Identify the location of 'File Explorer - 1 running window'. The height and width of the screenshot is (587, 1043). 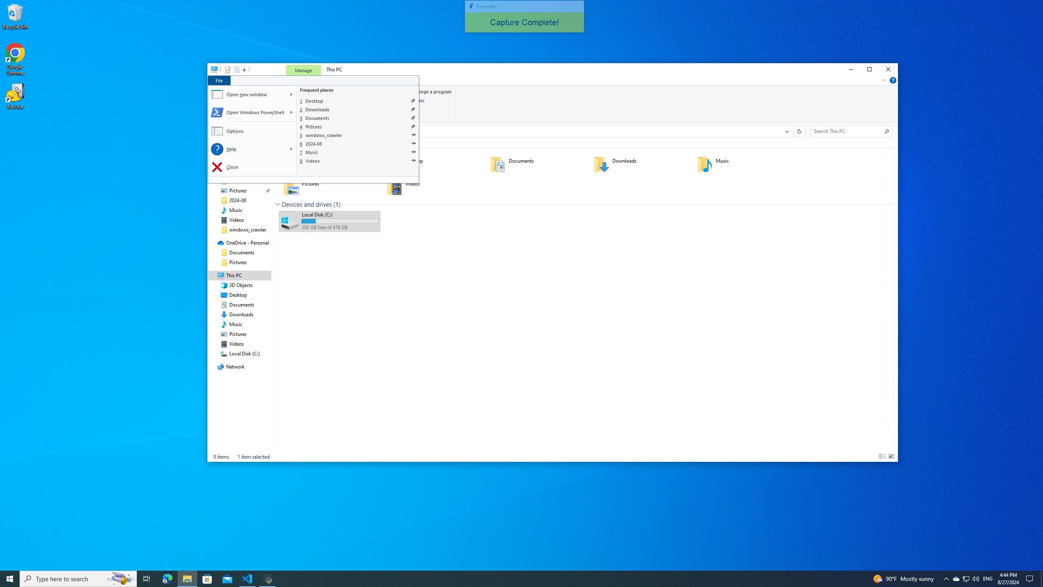
(187, 578).